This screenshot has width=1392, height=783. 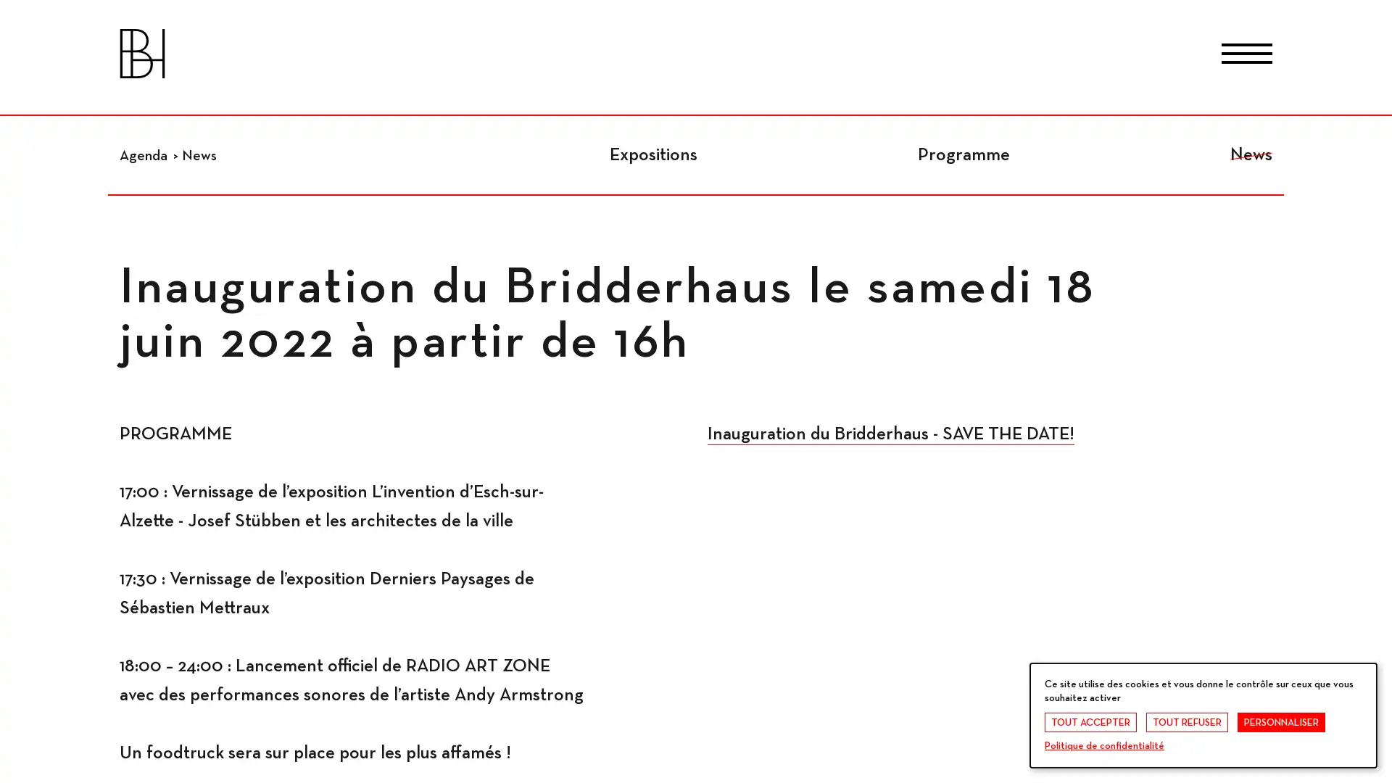 I want to click on Politique de confidentialite, so click(x=1103, y=746).